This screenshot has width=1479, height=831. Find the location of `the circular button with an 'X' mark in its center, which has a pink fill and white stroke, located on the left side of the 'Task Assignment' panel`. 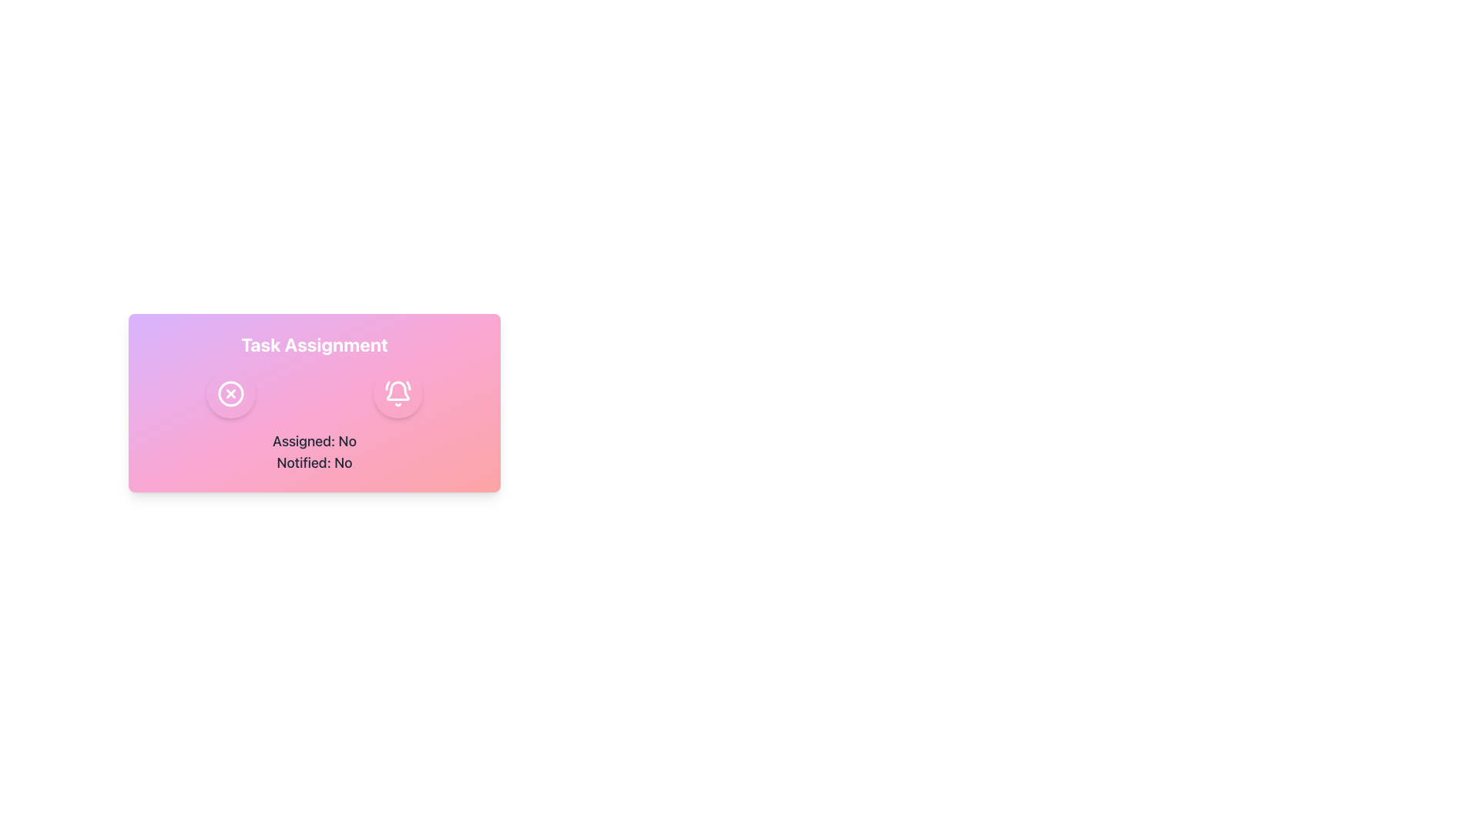

the circular button with an 'X' mark in its center, which has a pink fill and white stroke, located on the left side of the 'Task Assignment' panel is located at coordinates (230, 393).